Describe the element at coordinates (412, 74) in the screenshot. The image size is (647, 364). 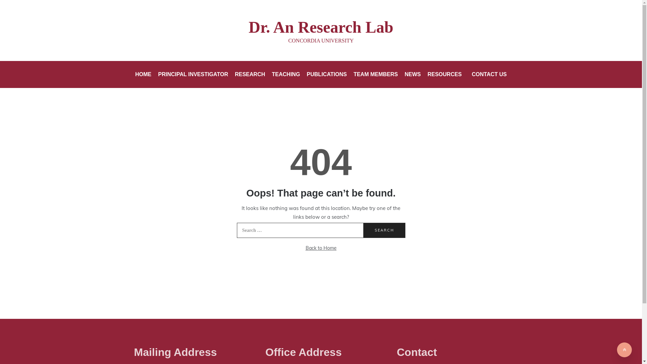
I see `'NEWS'` at that location.